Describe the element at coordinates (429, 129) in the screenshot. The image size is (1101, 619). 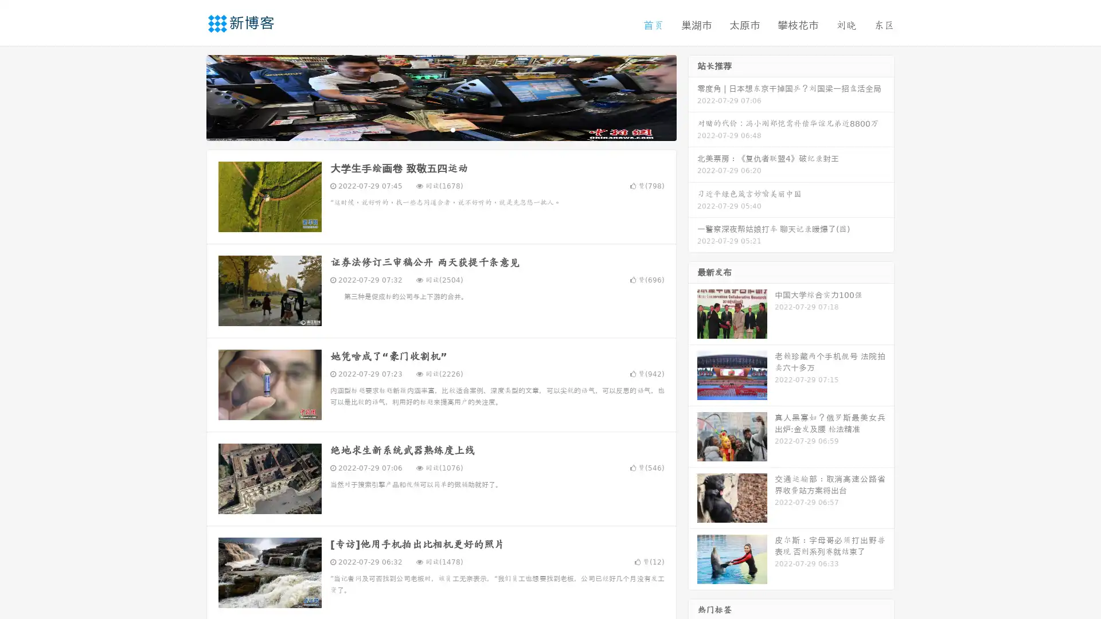
I see `Go to slide 1` at that location.